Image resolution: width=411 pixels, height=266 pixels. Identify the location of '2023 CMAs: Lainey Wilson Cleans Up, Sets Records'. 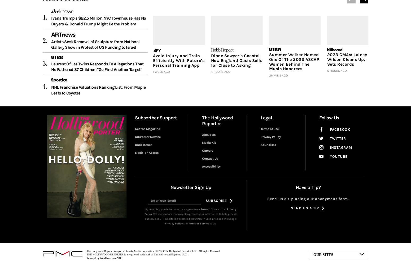
(327, 59).